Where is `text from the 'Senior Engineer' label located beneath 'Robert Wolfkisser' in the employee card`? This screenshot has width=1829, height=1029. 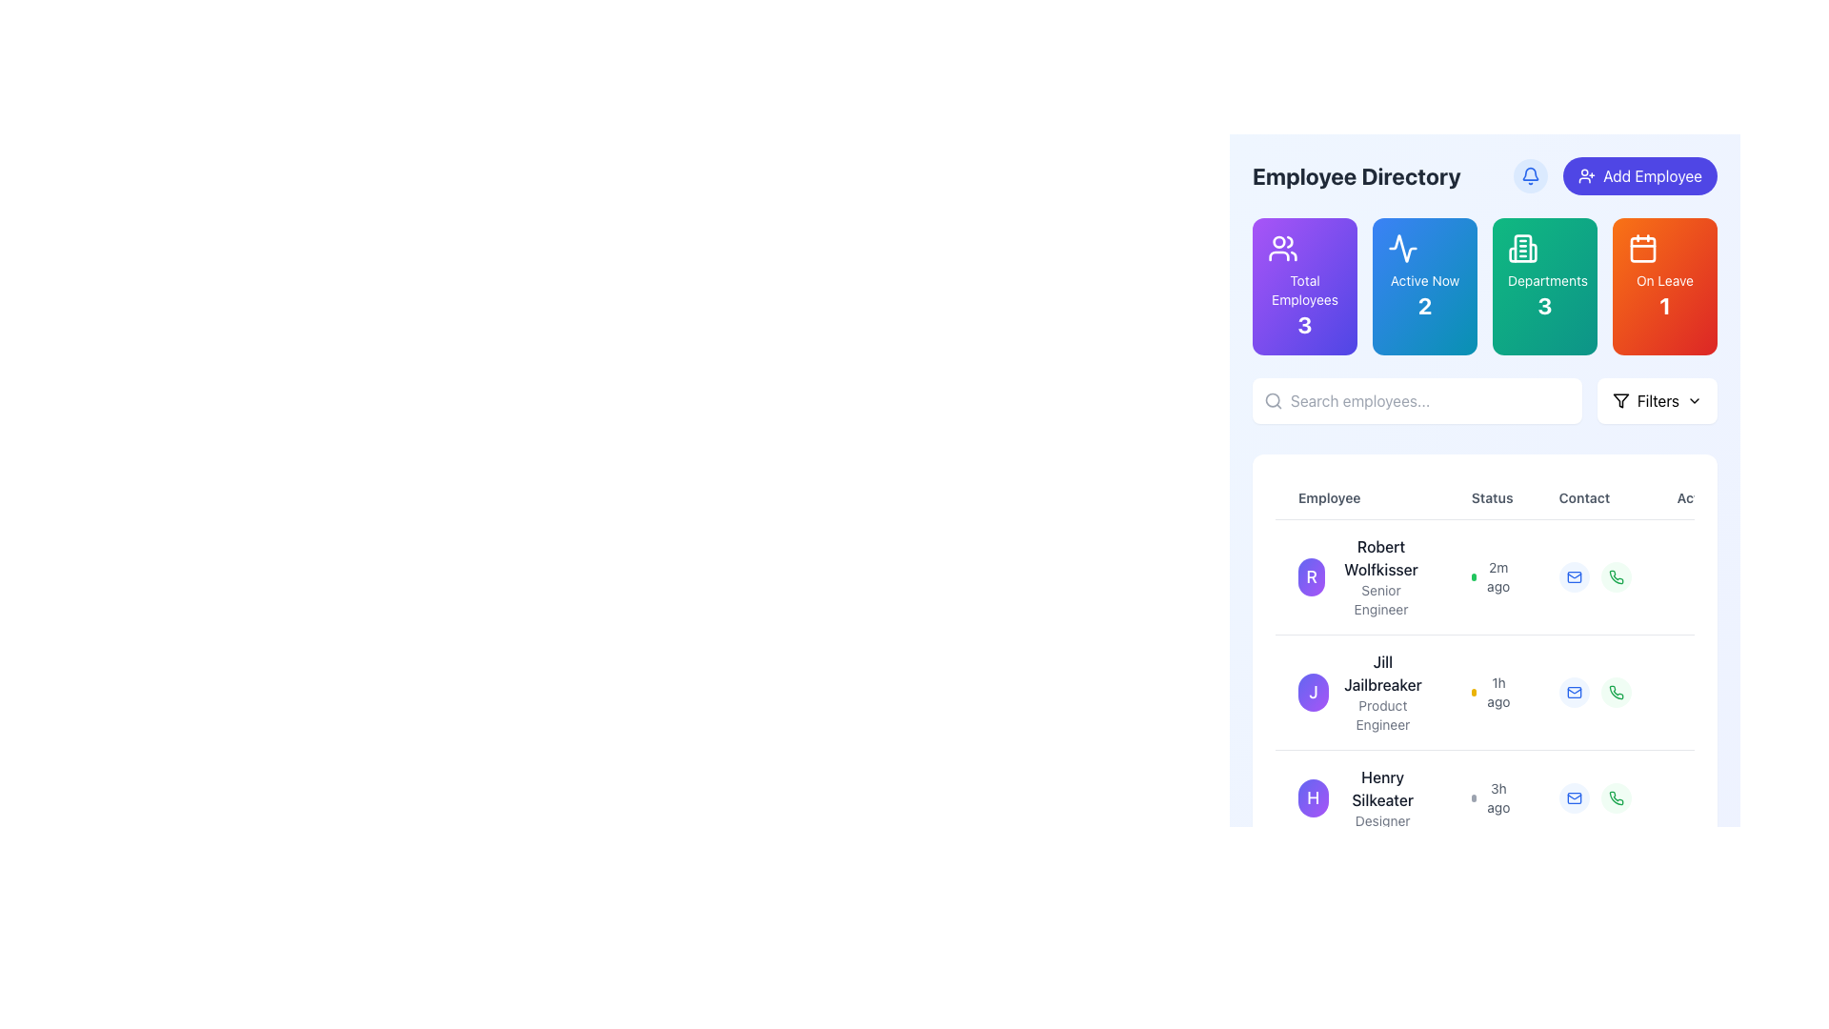
text from the 'Senior Engineer' label located beneath 'Robert Wolfkisser' in the employee card is located at coordinates (1380, 598).